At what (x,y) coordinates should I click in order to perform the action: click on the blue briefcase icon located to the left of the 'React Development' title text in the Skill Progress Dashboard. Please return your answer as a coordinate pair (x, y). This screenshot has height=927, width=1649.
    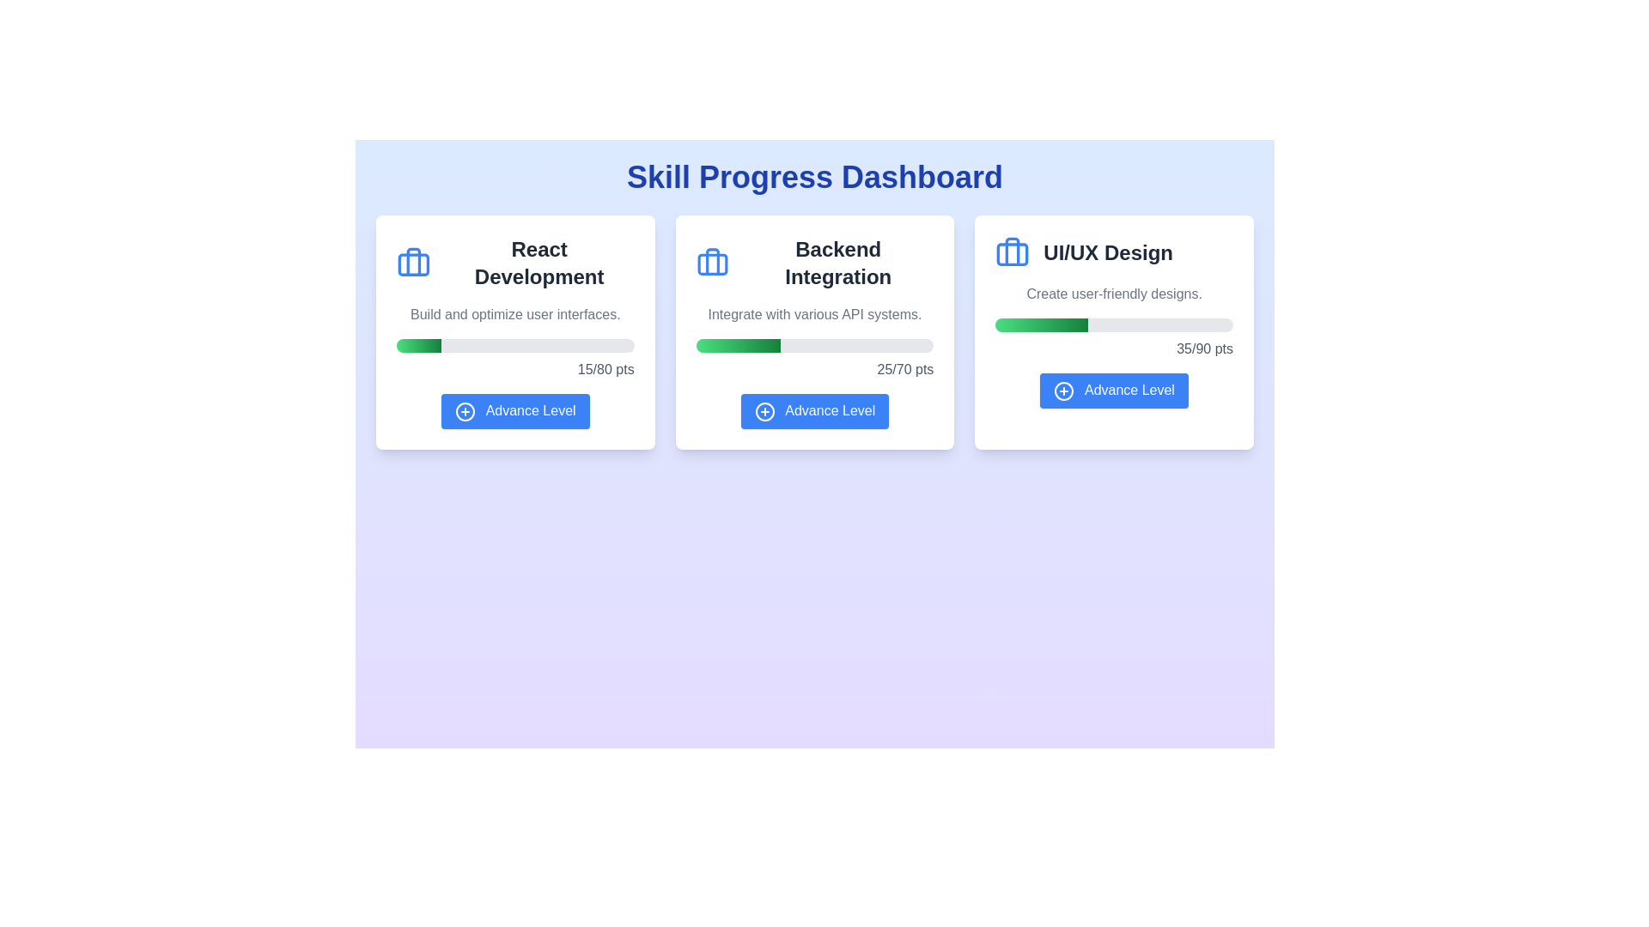
    Looking at the image, I should click on (413, 264).